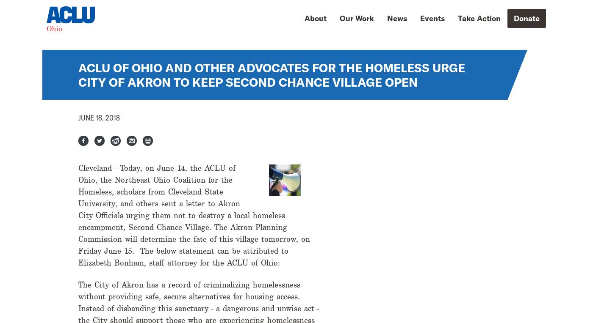  What do you see at coordinates (103, 140) in the screenshot?
I see `'Facebook'` at bounding box center [103, 140].